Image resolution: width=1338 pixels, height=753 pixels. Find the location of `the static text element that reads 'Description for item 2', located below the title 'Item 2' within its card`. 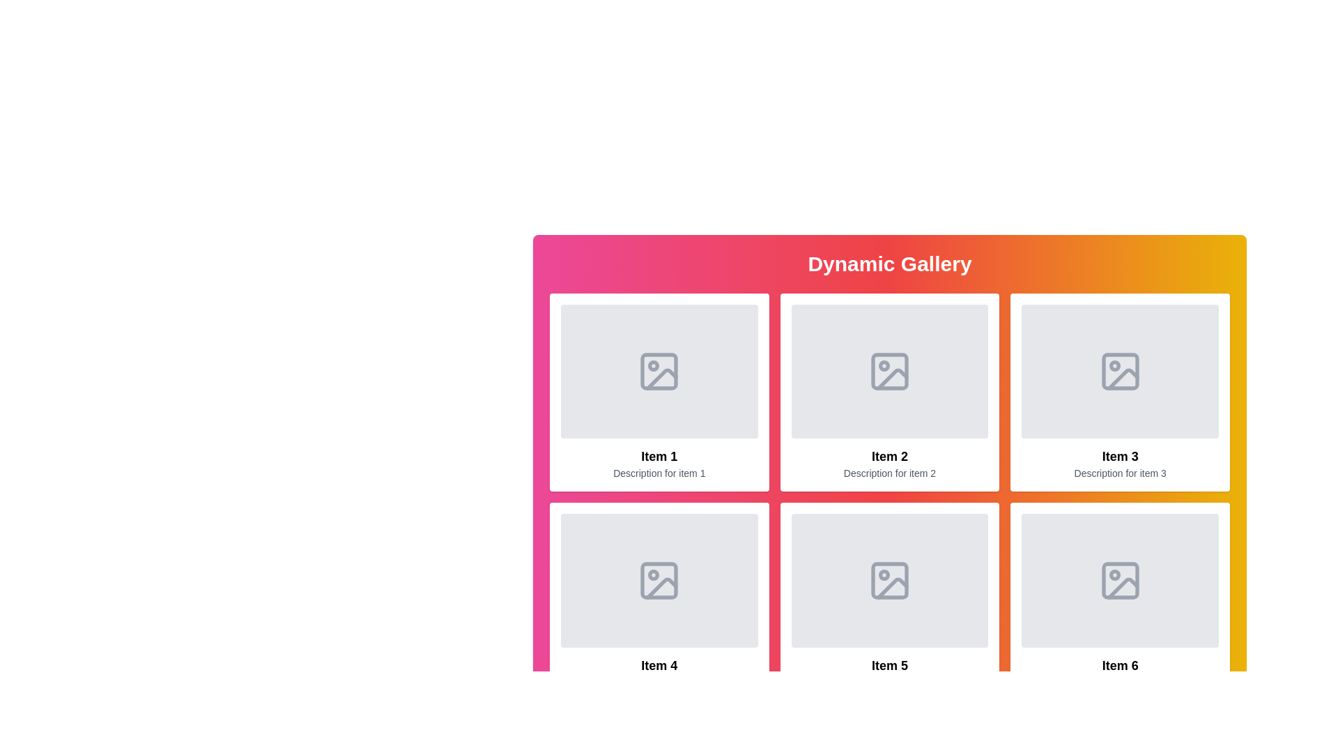

the static text element that reads 'Description for item 2', located below the title 'Item 2' within its card is located at coordinates (889, 472).